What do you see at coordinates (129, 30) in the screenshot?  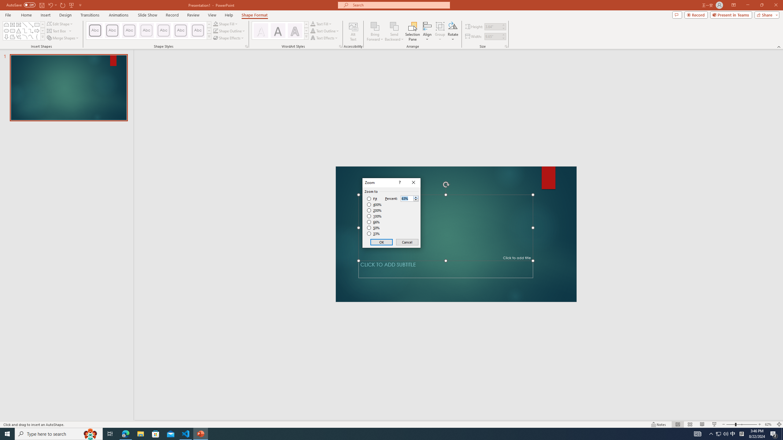 I see `'Colored Outline - Orange, Accent 2'` at bounding box center [129, 30].